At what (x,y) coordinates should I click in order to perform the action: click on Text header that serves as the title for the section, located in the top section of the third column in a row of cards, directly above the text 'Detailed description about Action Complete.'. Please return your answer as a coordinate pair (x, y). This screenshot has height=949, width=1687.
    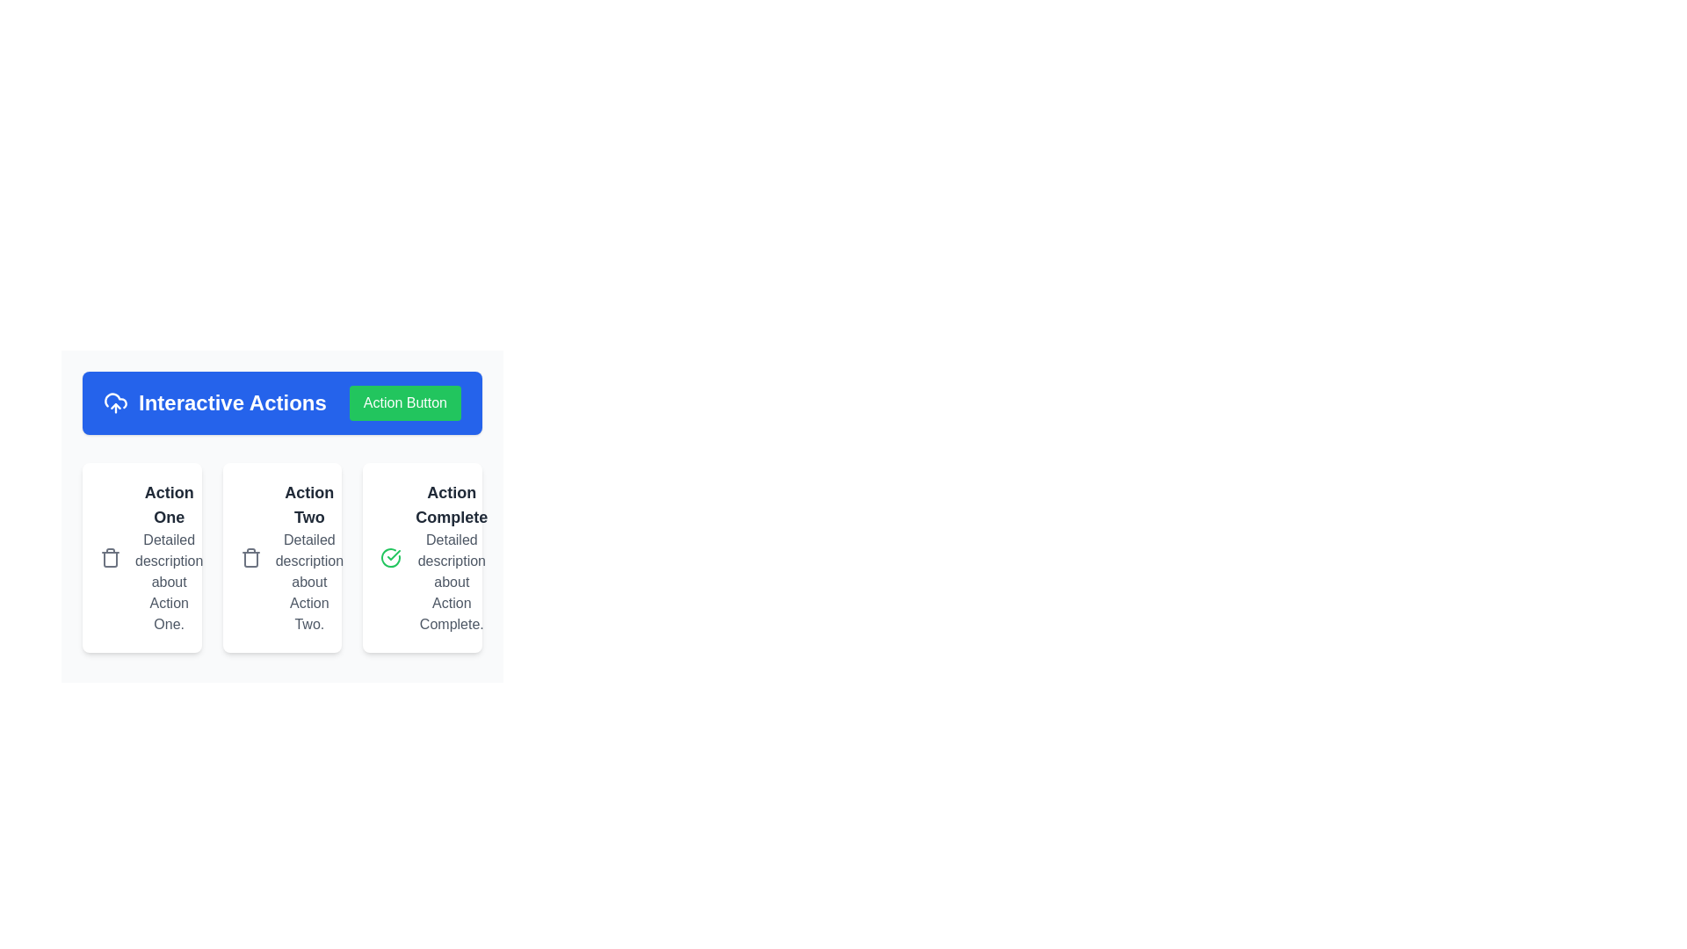
    Looking at the image, I should click on (452, 504).